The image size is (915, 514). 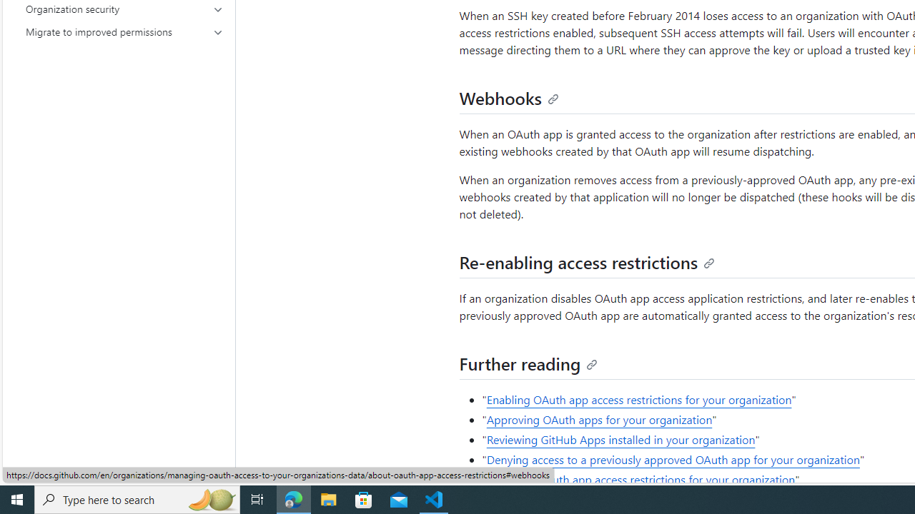 What do you see at coordinates (638, 399) in the screenshot?
I see `'Enabling OAuth app access restrictions for your organization'` at bounding box center [638, 399].